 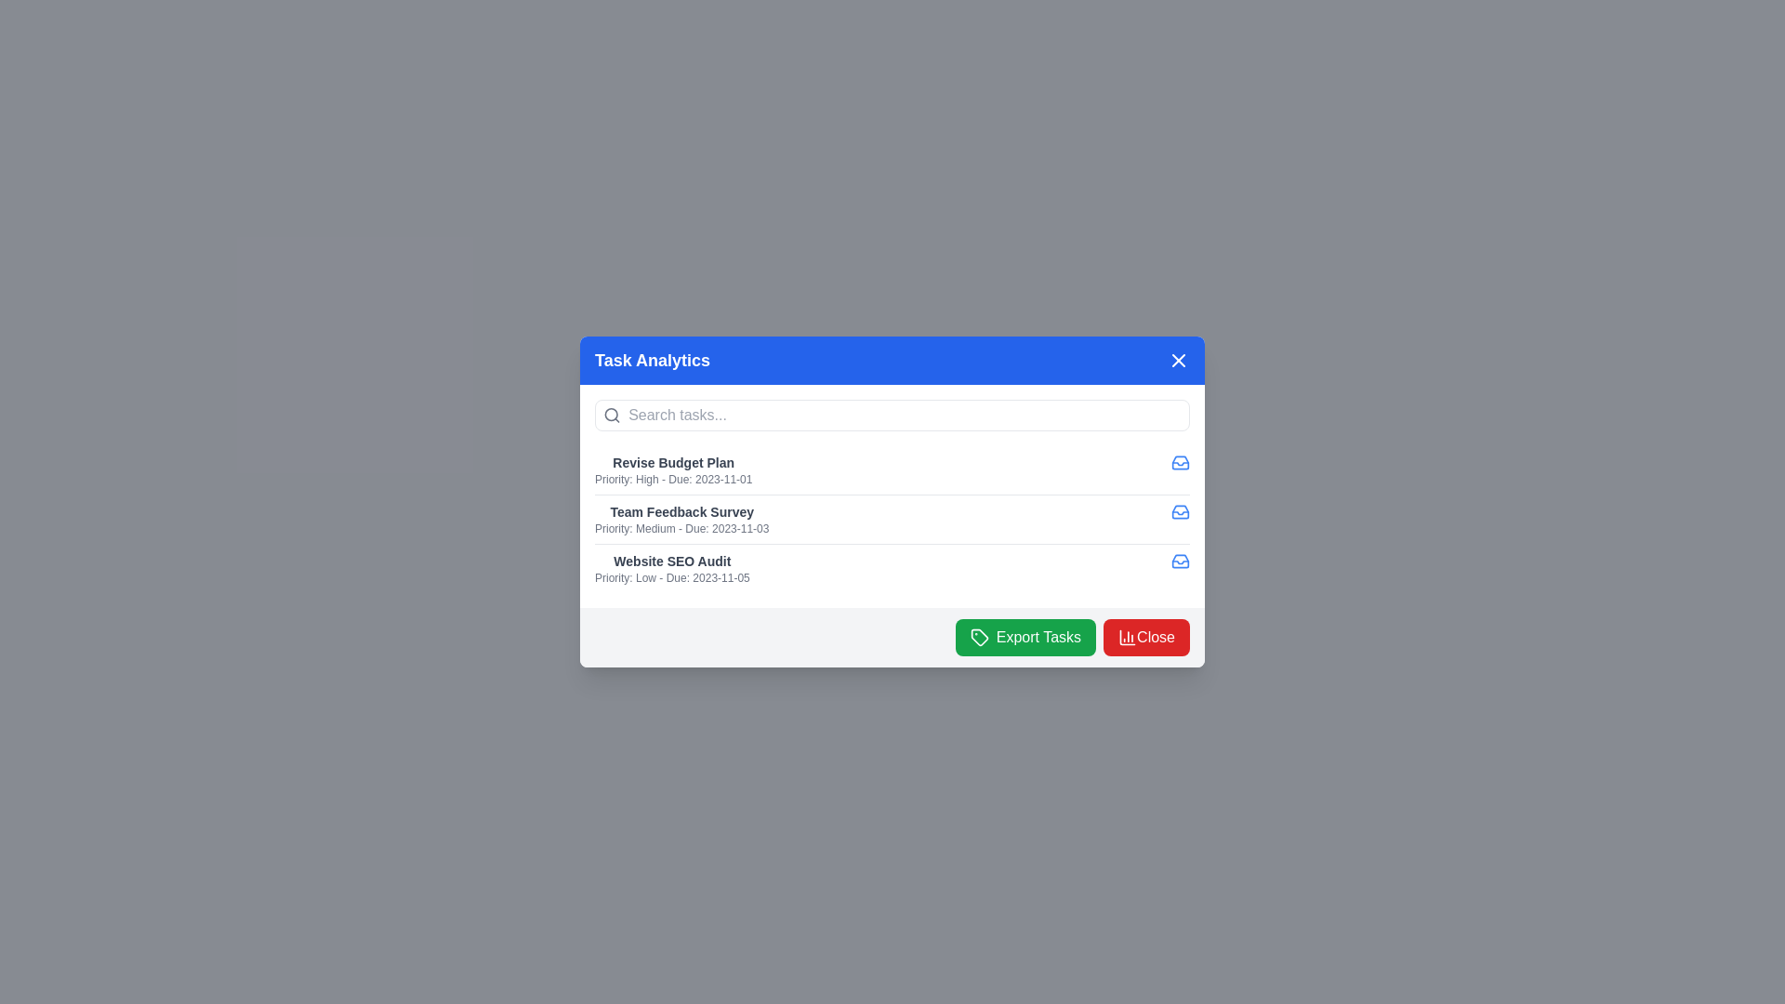 I want to click on the icon located in the second row of the task list, adjacent to the 'Team Feedback Survey', which indicates an action related to downloading or accessing additional details, so click(x=1180, y=461).